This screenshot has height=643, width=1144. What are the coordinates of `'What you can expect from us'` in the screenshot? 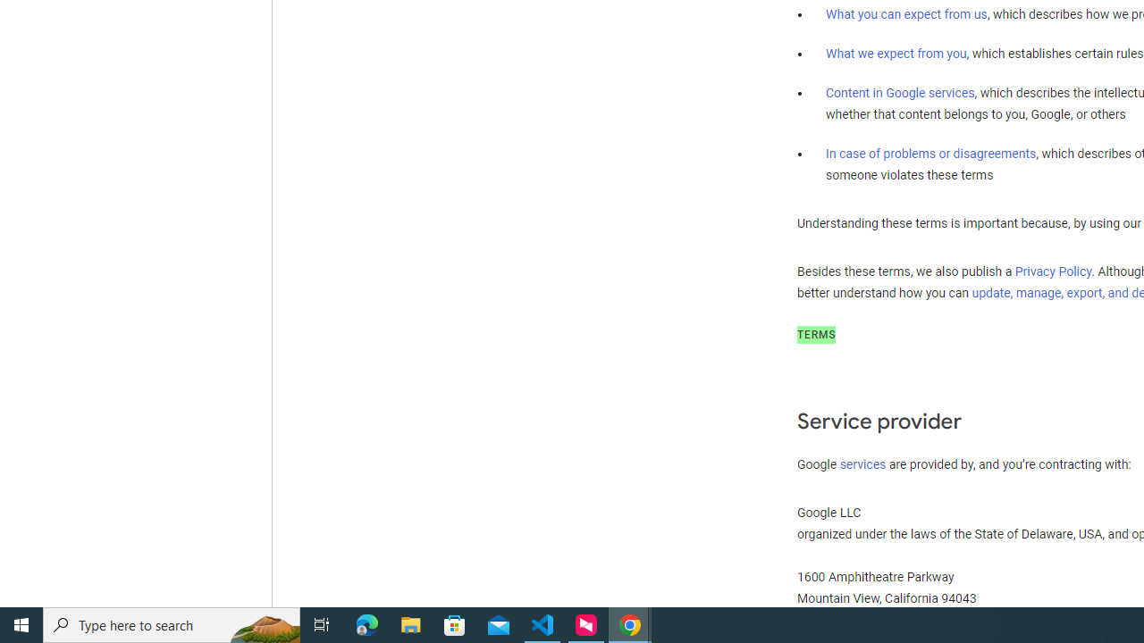 It's located at (906, 14).